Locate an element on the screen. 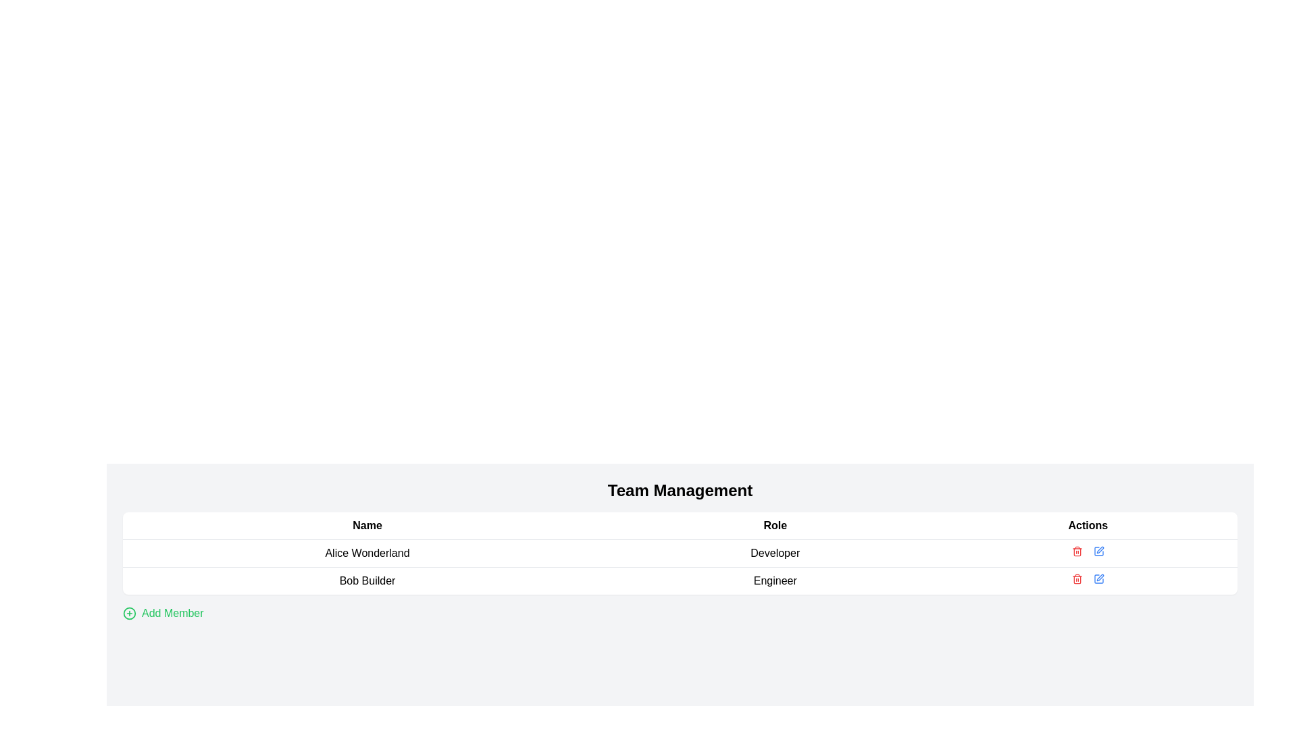  the trash bin icon in the 'Actions' column of the second row is located at coordinates (1076, 552).